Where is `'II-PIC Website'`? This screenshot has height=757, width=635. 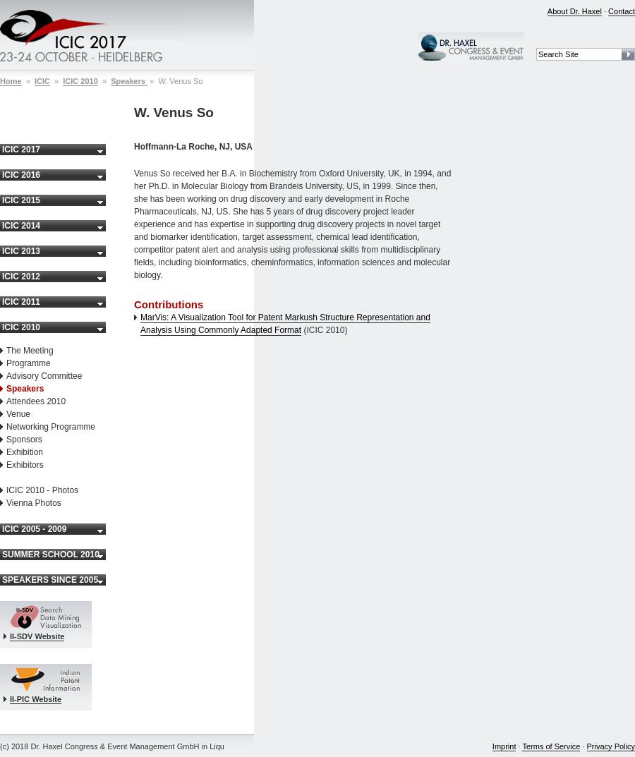 'II-PIC Website' is located at coordinates (35, 697).